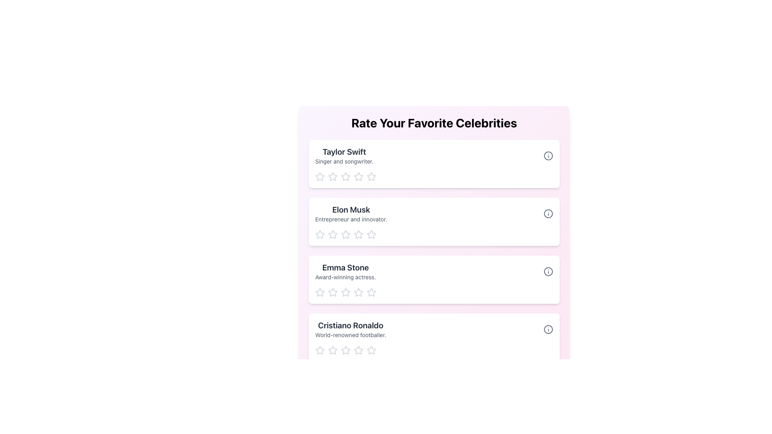 The image size is (772, 434). Describe the element at coordinates (548, 271) in the screenshot. I see `the small gray circular icon at the right edge of the row labeled 'Emma Stone'` at that location.